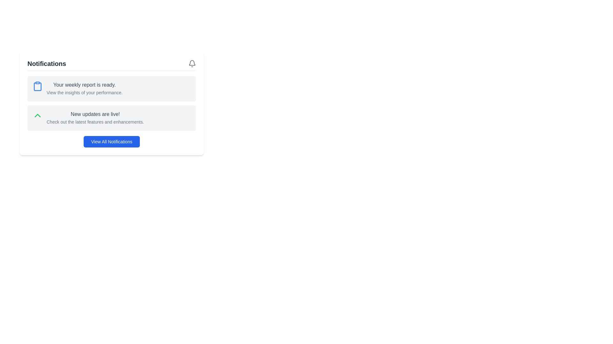 The image size is (613, 344). I want to click on the text element that displays 'View the insights of your performance.' located beneath the title 'Your weekly report is ready.' in the notification card, so click(84, 92).